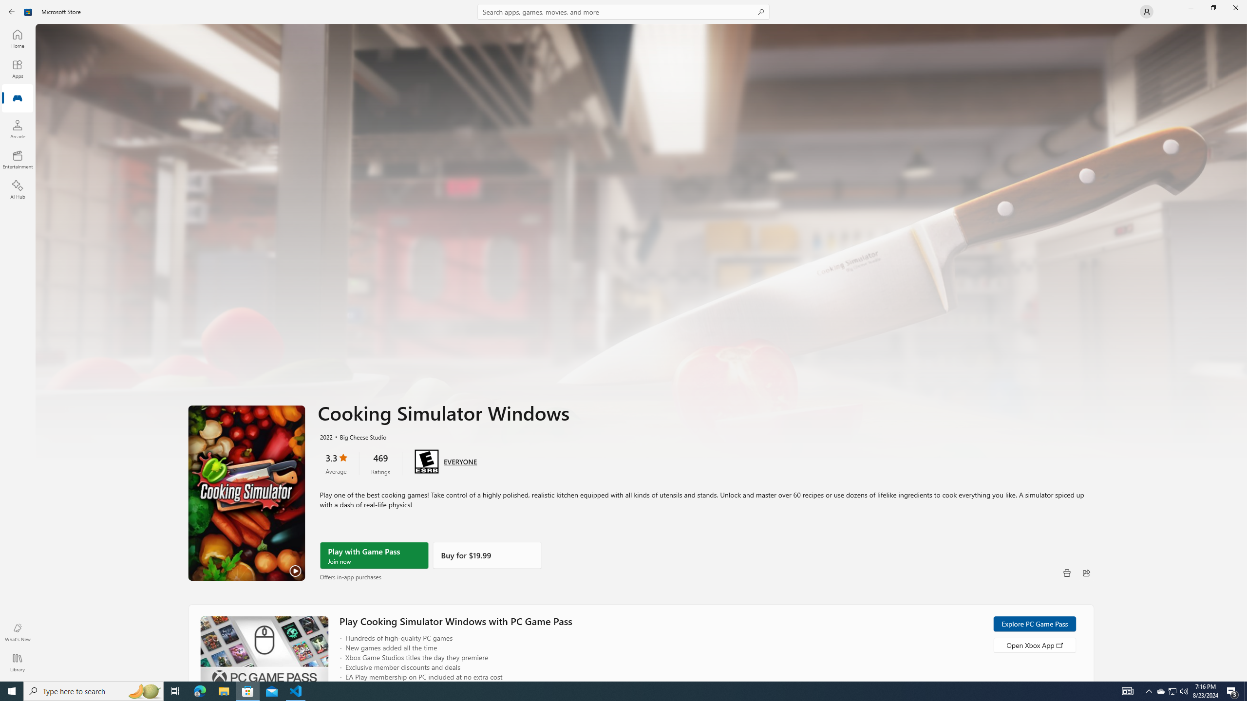  I want to click on 'Back', so click(12, 11).